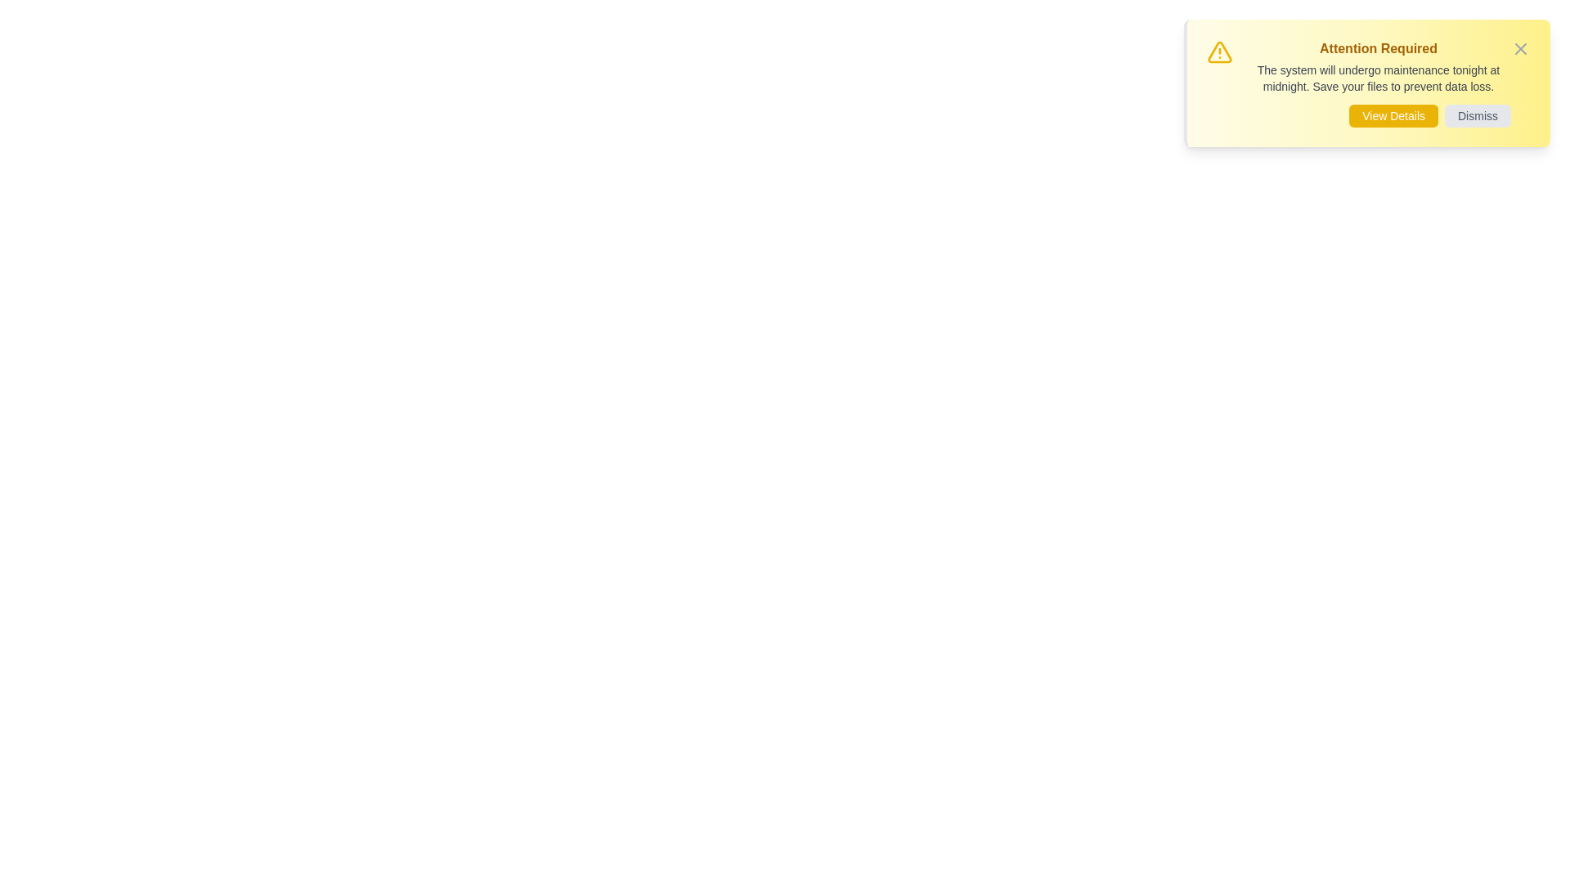 The width and height of the screenshot is (1570, 883). I want to click on the close icon of the alert to dismiss it, so click(1520, 48).